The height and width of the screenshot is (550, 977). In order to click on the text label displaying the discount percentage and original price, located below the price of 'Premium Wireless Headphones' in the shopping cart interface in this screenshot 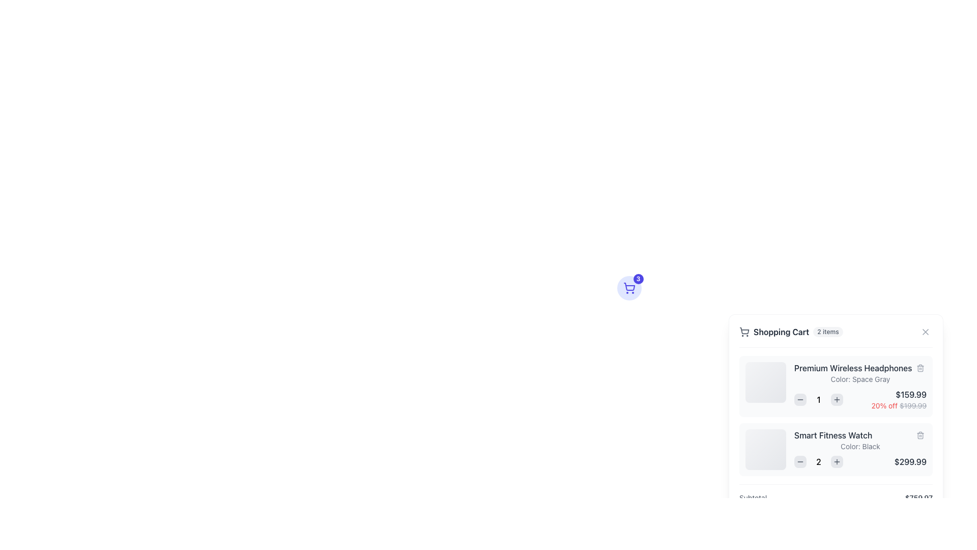, I will do `click(899, 405)`.